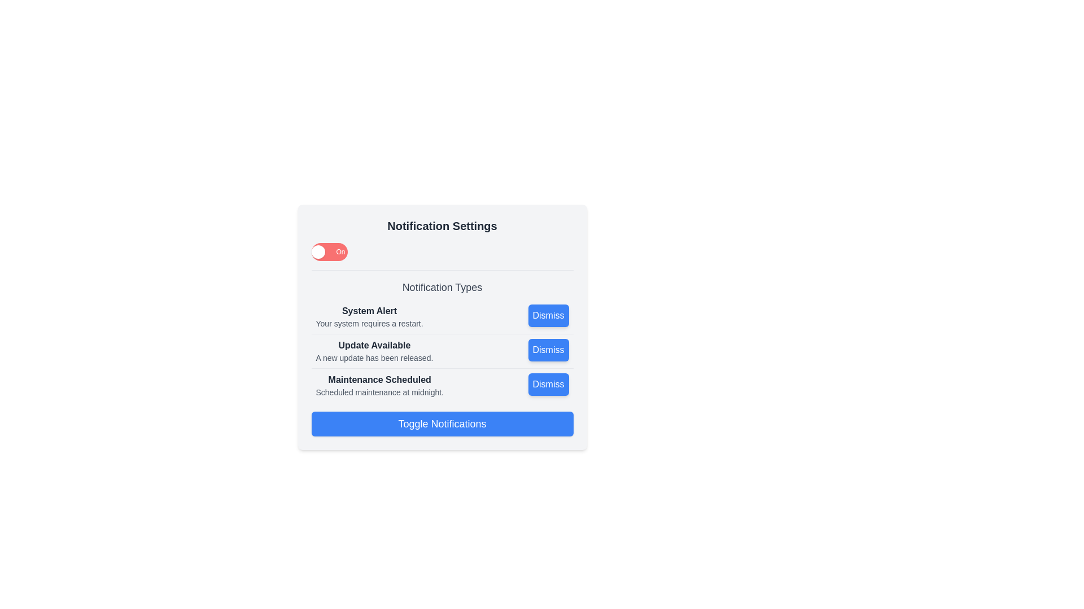 The width and height of the screenshot is (1084, 609). I want to click on the dismiss button located at the bottom right corner of the notification card titled 'Update Available', so click(548, 350).